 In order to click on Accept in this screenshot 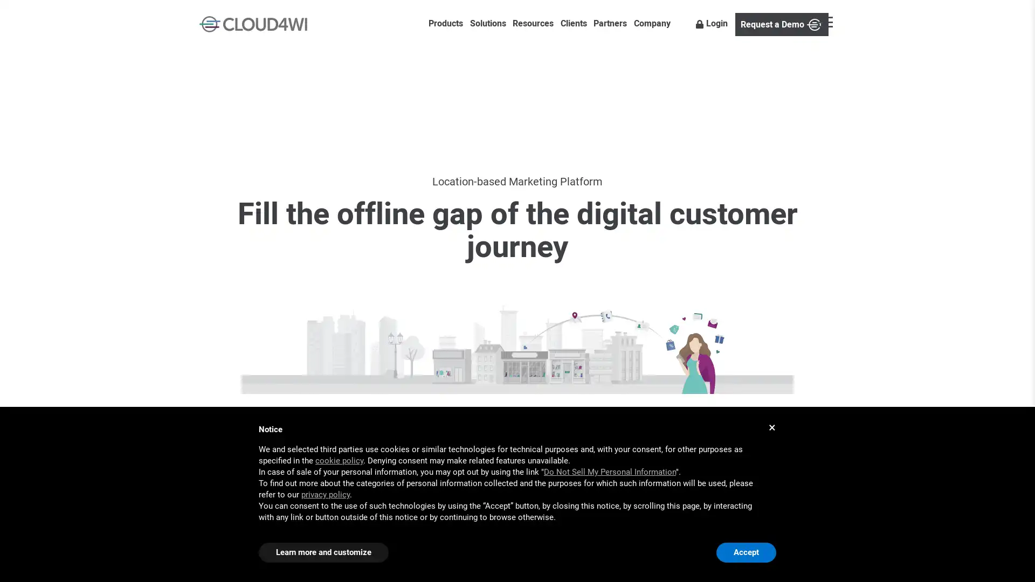, I will do `click(746, 552)`.